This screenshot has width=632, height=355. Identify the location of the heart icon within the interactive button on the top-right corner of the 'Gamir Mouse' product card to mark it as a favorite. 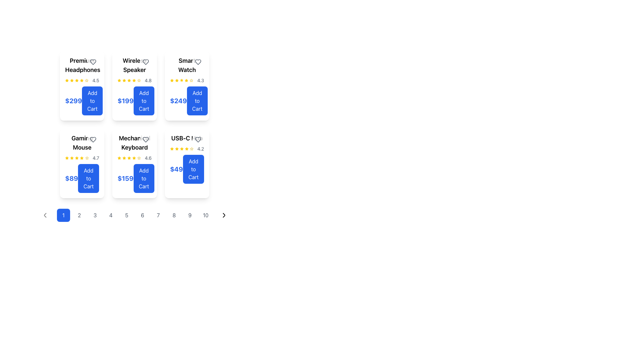
(93, 139).